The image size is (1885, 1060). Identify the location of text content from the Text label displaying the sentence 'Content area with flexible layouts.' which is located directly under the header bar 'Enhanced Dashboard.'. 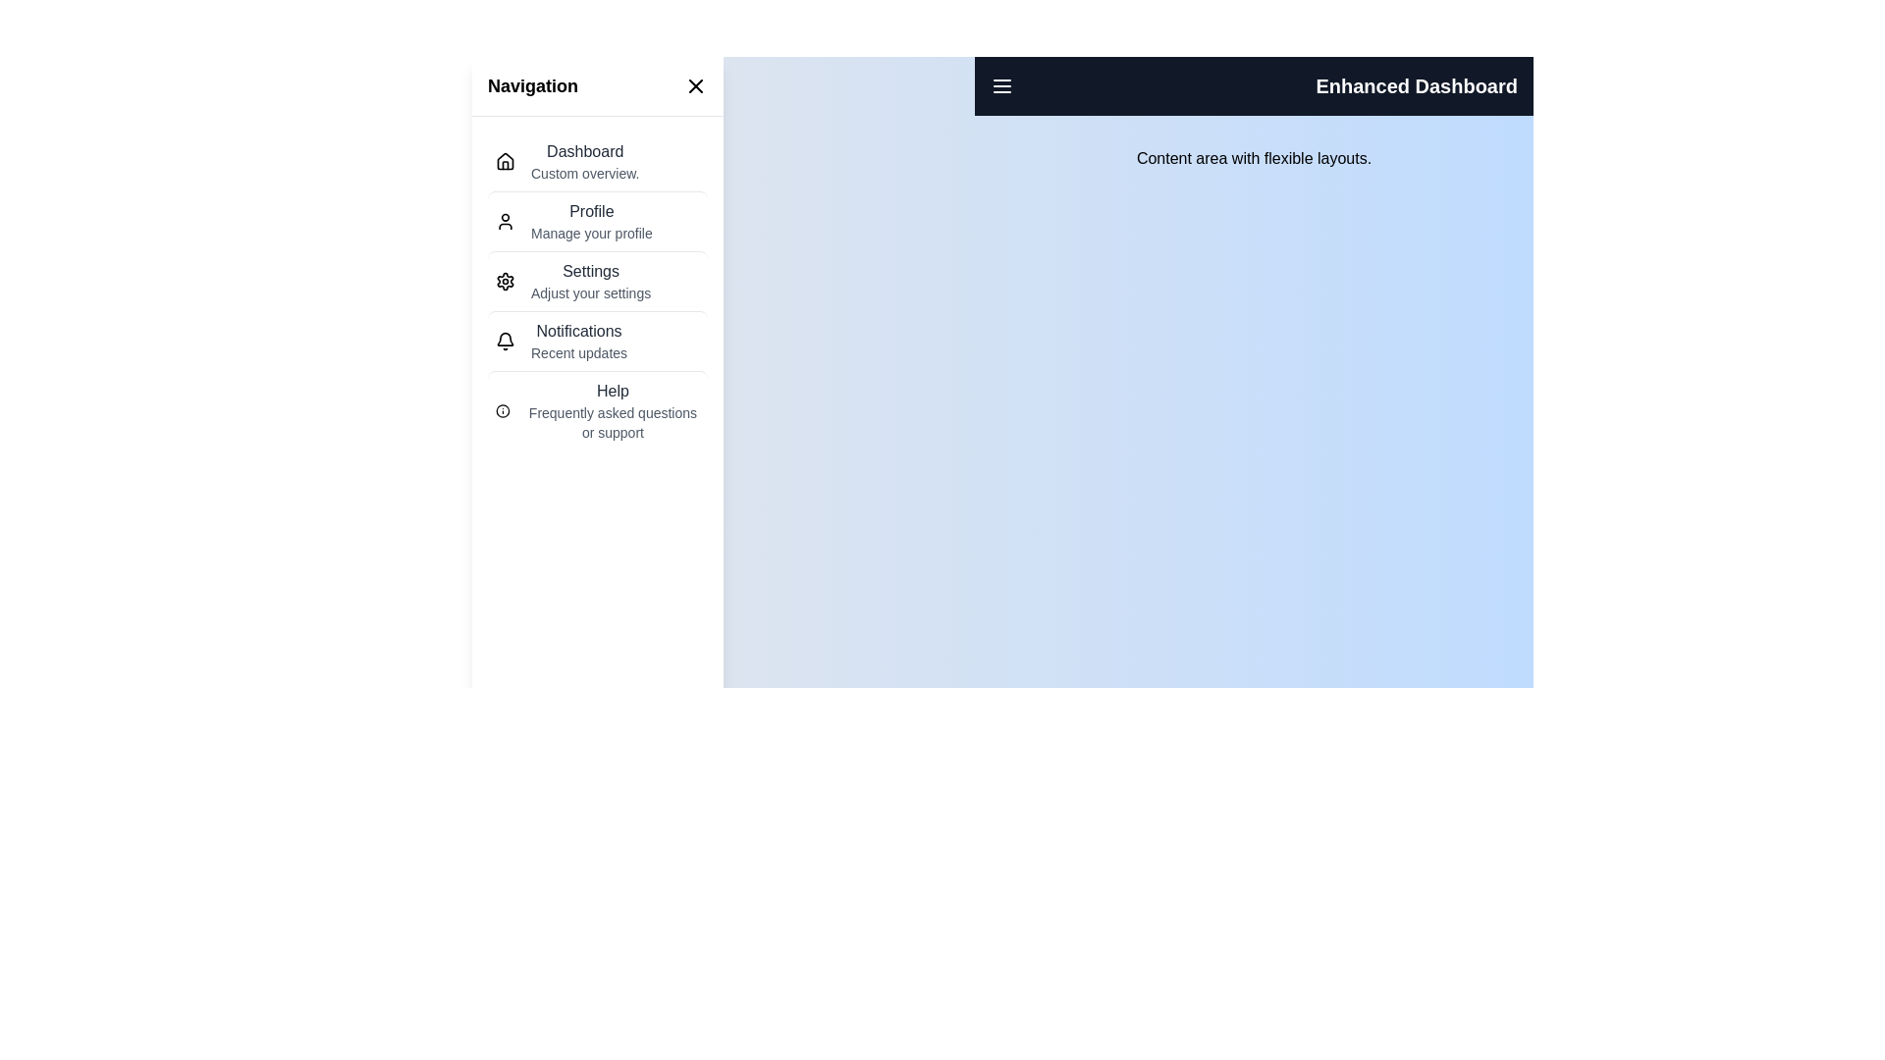
(1253, 158).